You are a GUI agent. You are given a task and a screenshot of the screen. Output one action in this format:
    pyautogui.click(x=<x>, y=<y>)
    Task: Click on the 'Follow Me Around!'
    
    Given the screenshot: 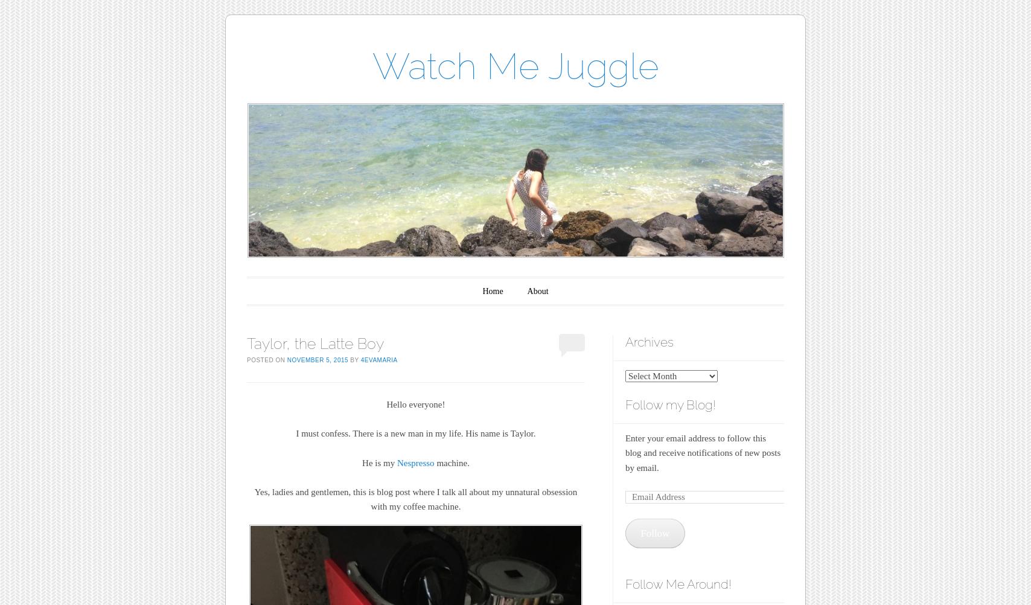 What is the action you would take?
    pyautogui.click(x=678, y=583)
    